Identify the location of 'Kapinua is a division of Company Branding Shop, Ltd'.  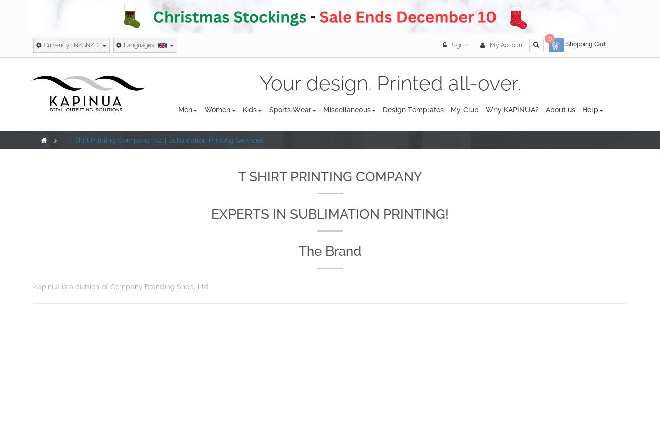
(33, 286).